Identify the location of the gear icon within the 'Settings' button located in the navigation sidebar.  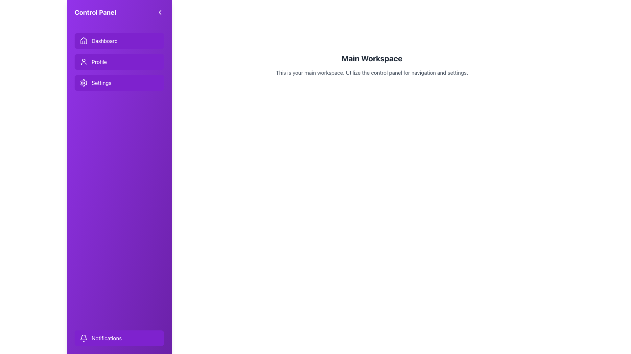
(83, 83).